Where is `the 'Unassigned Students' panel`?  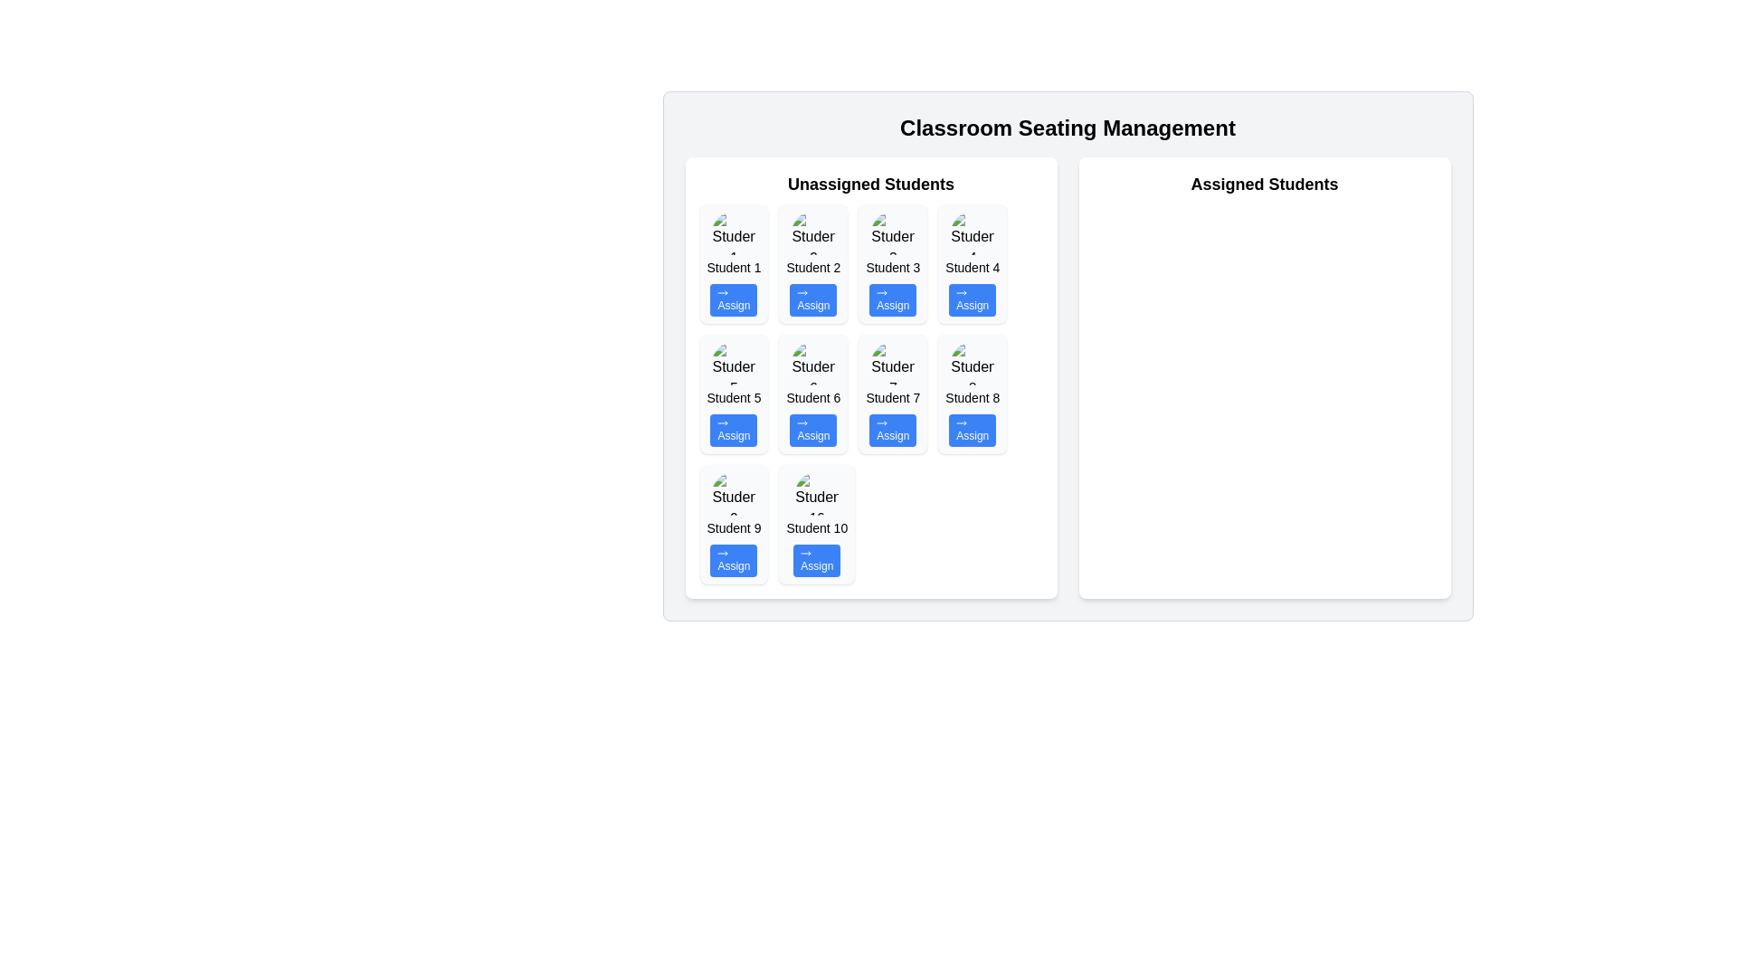
the 'Unassigned Students' panel is located at coordinates (871, 376).